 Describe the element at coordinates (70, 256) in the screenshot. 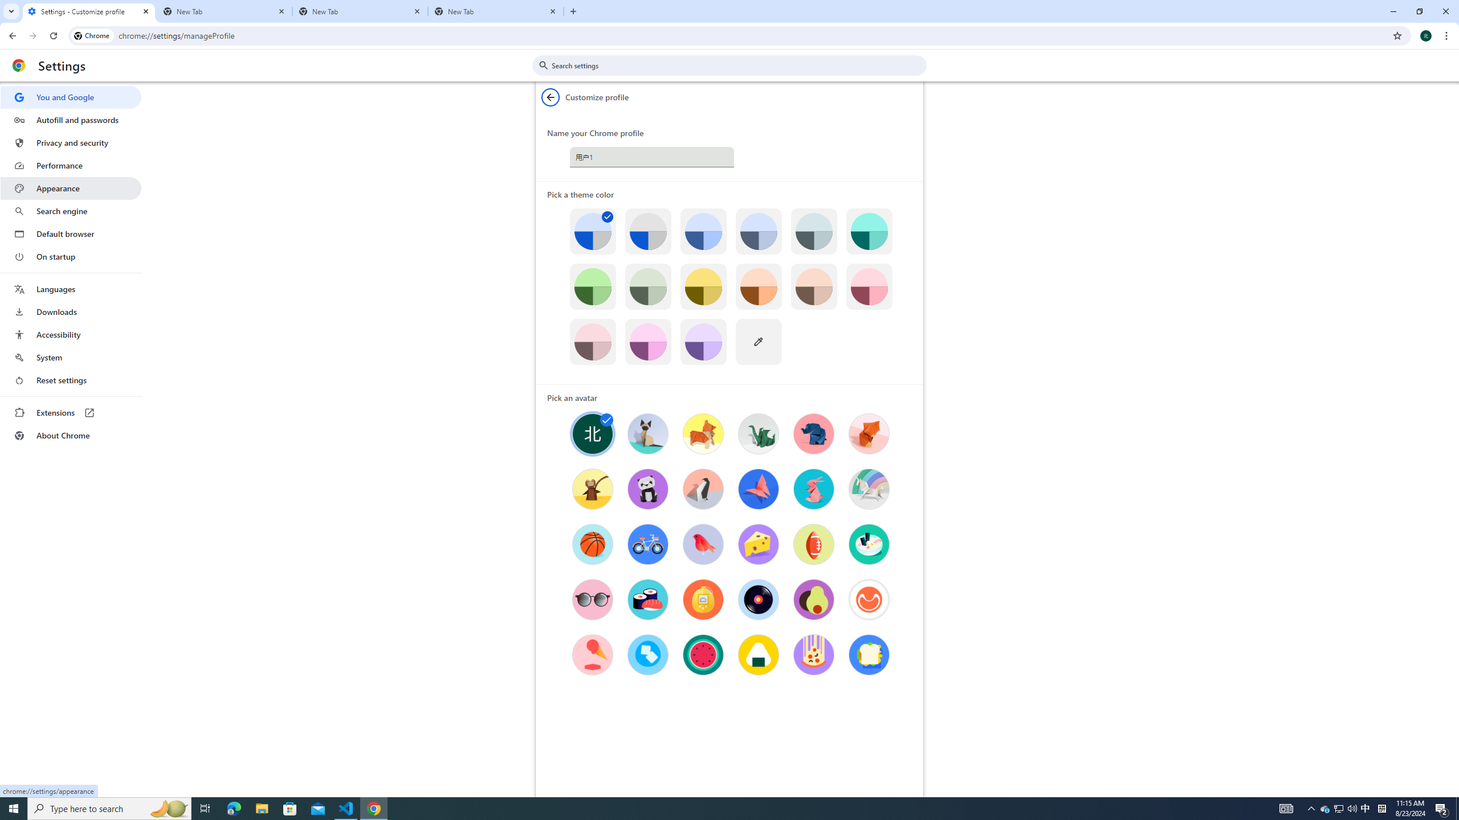

I see `'On startup'` at that location.